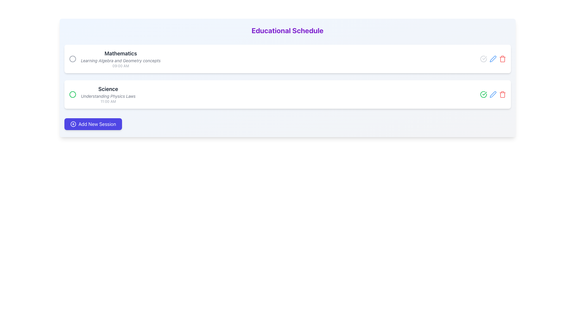  Describe the element at coordinates (97, 124) in the screenshot. I see `the 'Add New Session' button located at the bottom-left of the content section, which is identified by its accompanying icon of a circle with a plus symbol` at that location.